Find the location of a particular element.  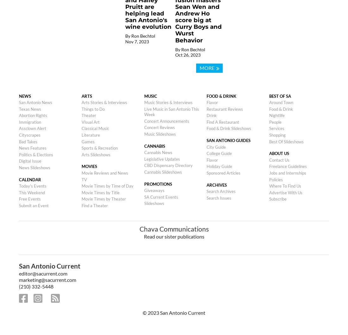

'Live Music in San Antonio This Week' is located at coordinates (171, 111).